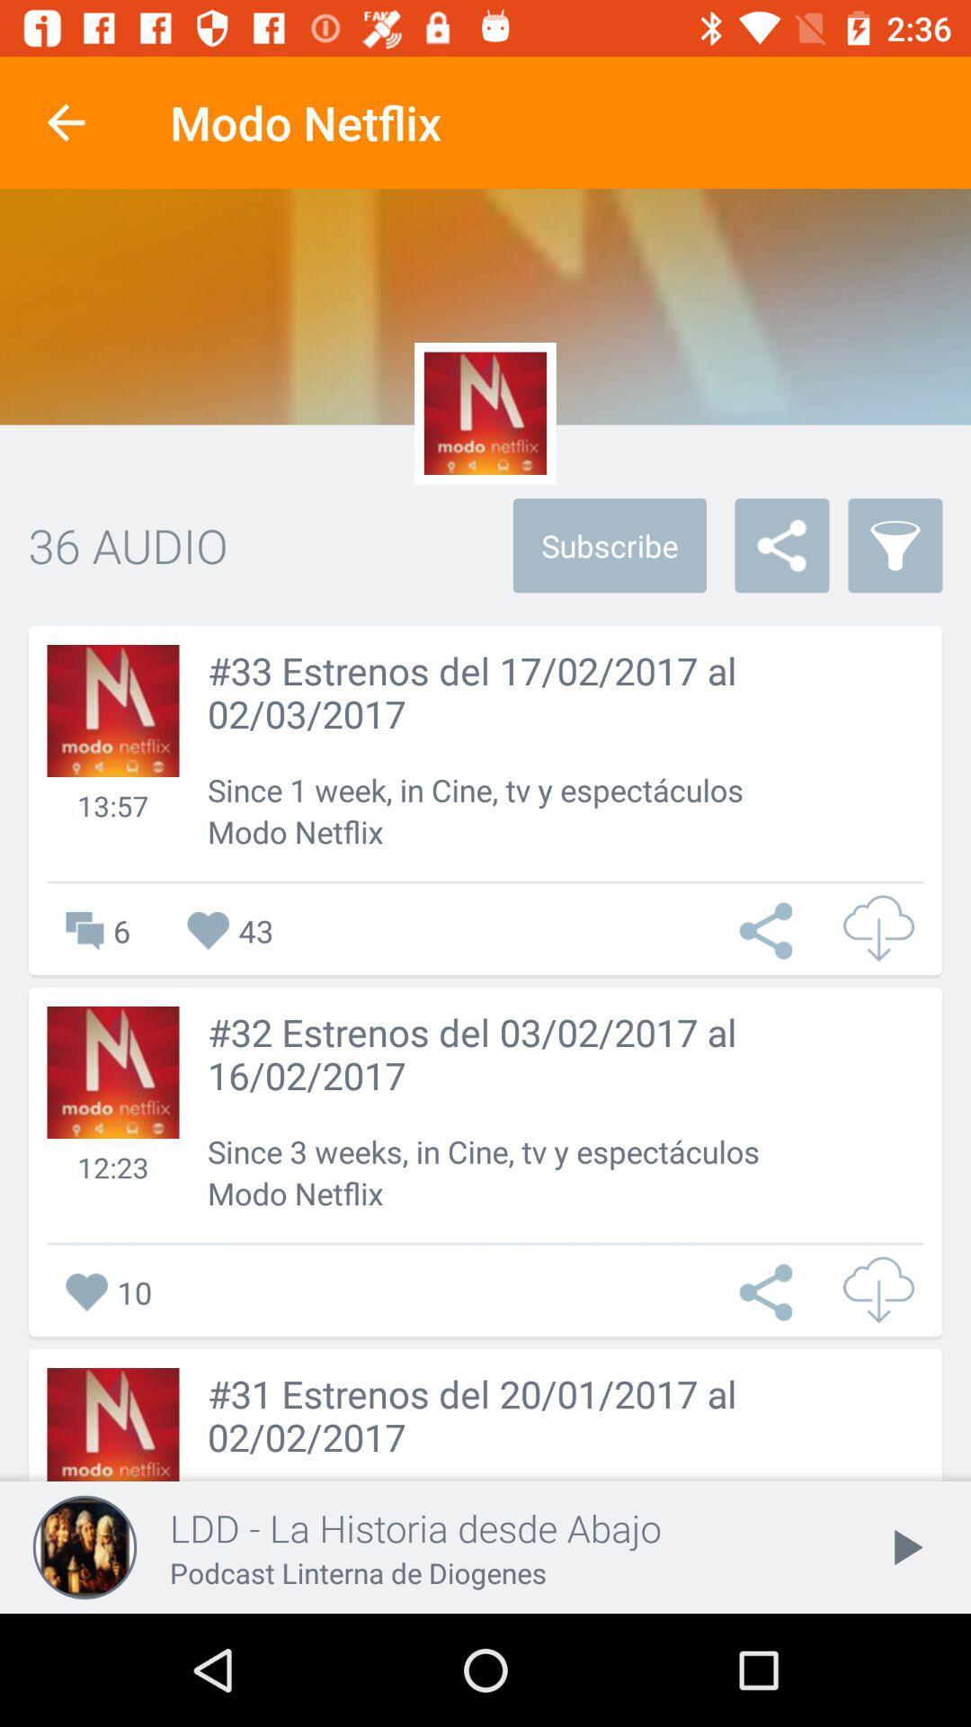 The width and height of the screenshot is (971, 1727). Describe the element at coordinates (904, 1546) in the screenshot. I see `the play icon` at that location.